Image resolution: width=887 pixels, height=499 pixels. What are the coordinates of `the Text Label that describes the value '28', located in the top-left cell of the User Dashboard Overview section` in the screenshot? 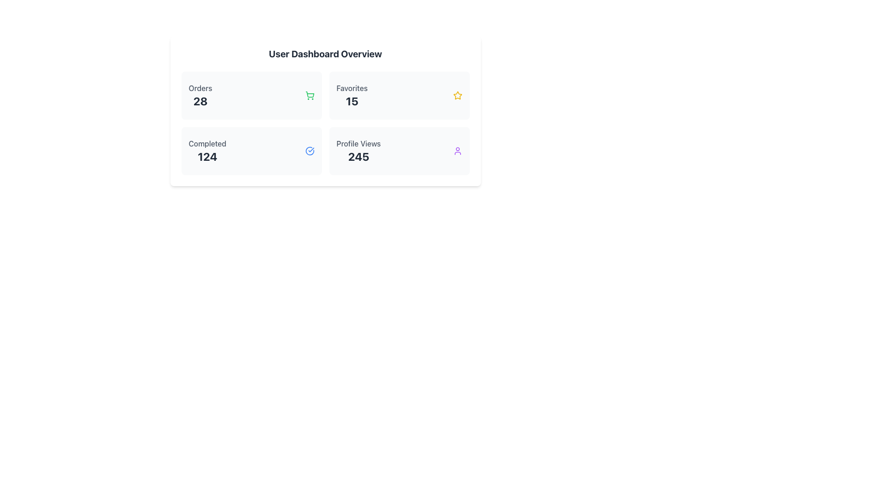 It's located at (200, 88).